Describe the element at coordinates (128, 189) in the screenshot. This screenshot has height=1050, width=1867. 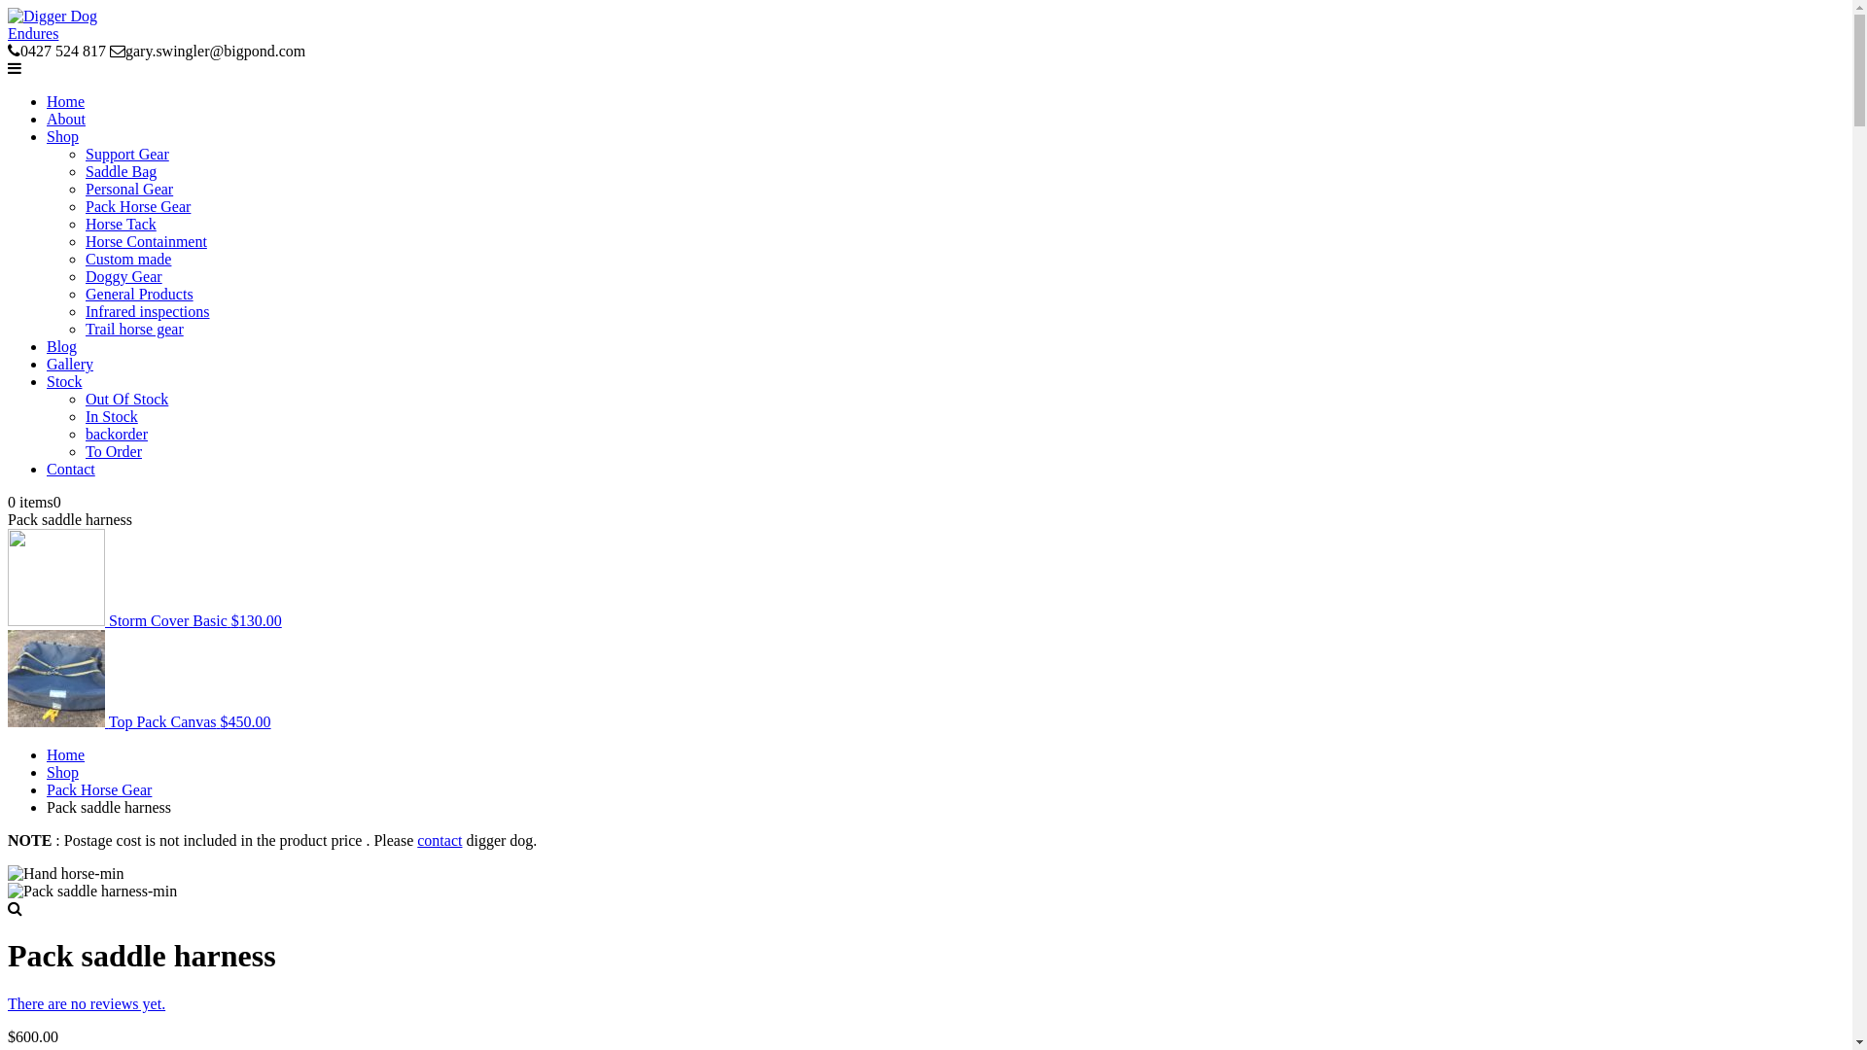
I see `'Personal Gear'` at that location.